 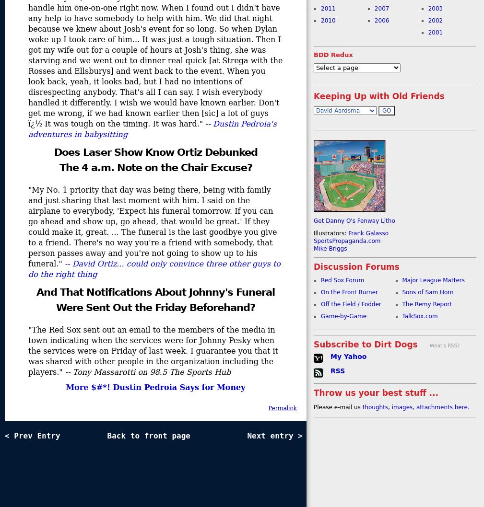 What do you see at coordinates (337, 371) in the screenshot?
I see `'RSS'` at bounding box center [337, 371].